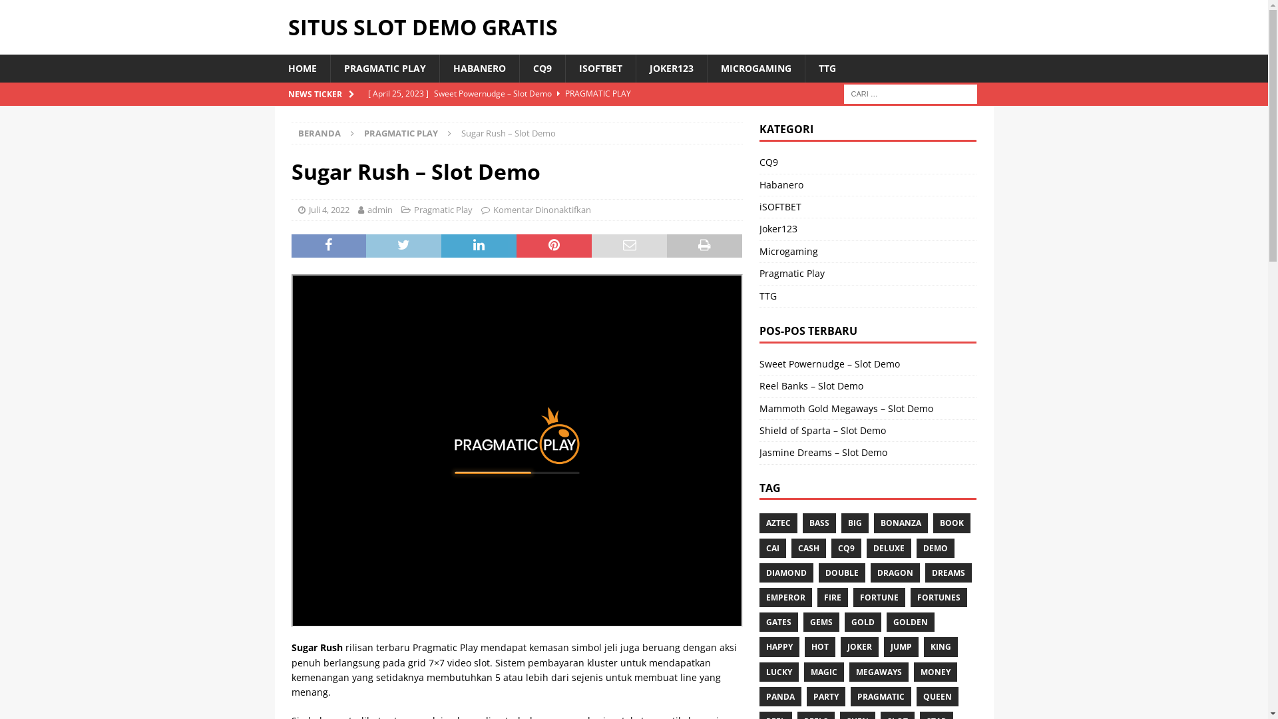 This screenshot has height=719, width=1278. I want to click on 'admin', so click(379, 210).